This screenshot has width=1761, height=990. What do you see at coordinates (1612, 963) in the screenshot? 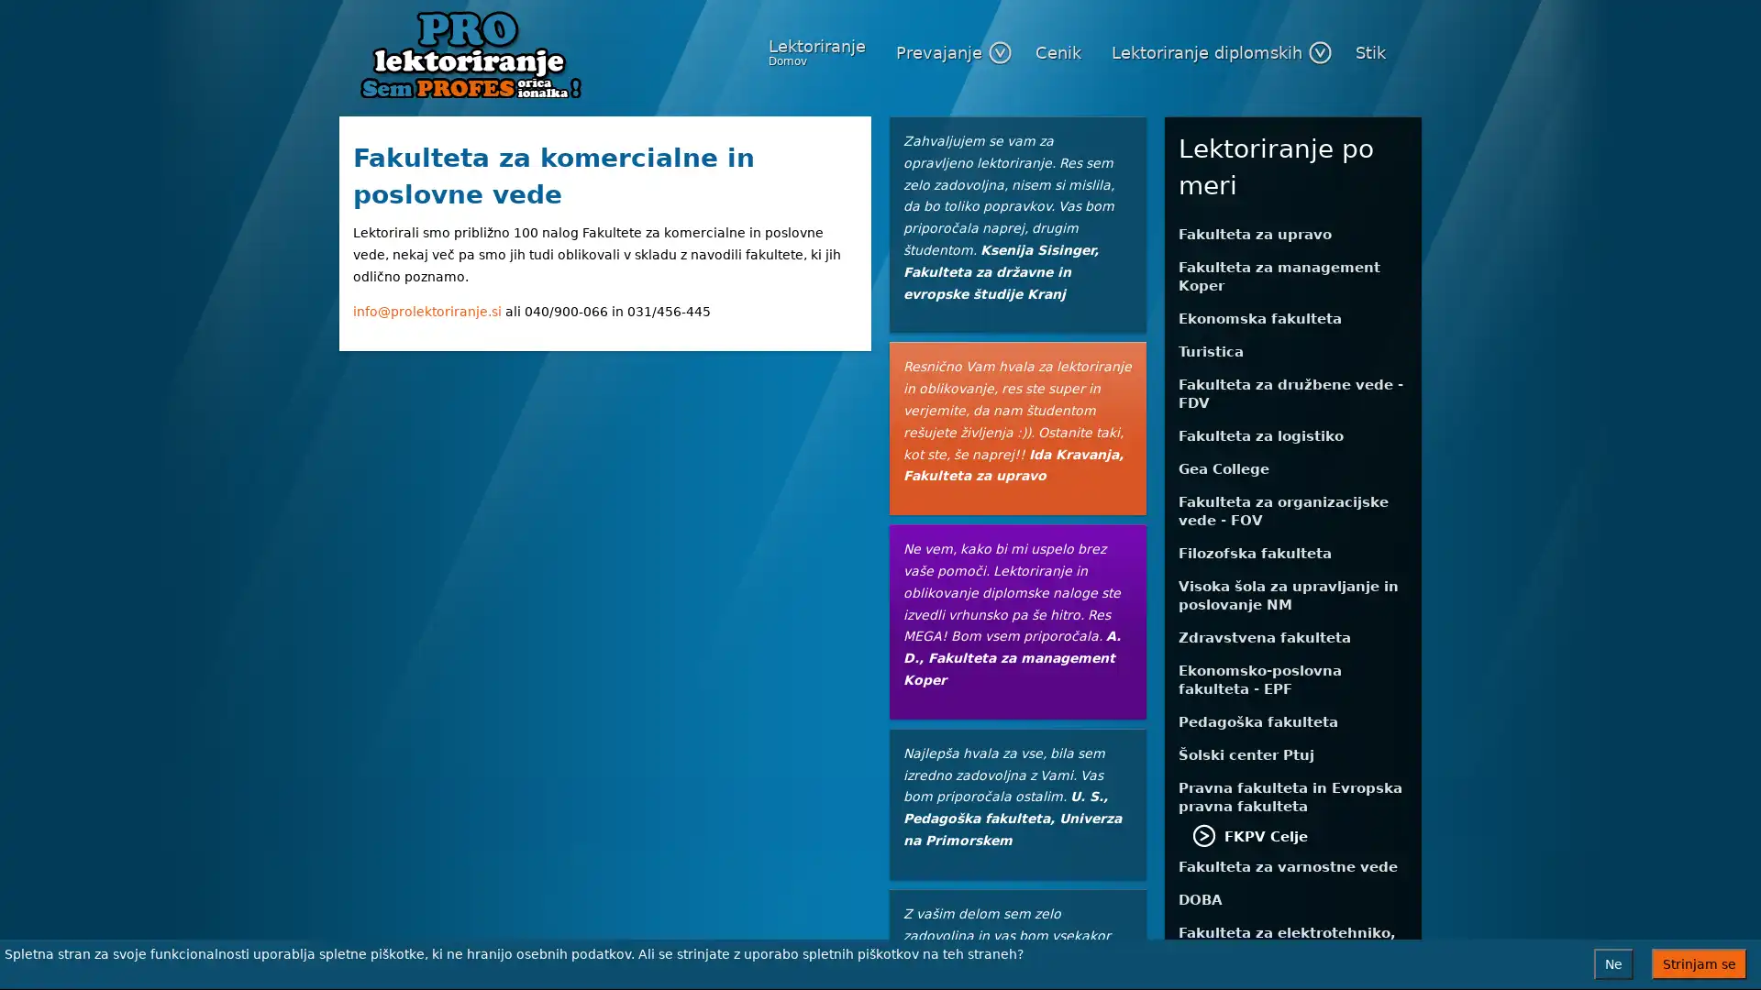
I see `Ne` at bounding box center [1612, 963].